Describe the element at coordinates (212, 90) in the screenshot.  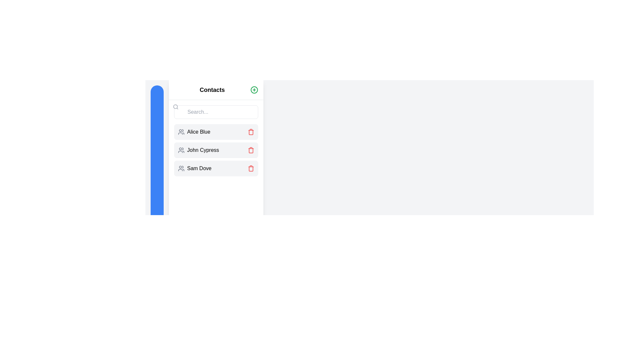
I see `the bold heading text 'Contacts'` at that location.